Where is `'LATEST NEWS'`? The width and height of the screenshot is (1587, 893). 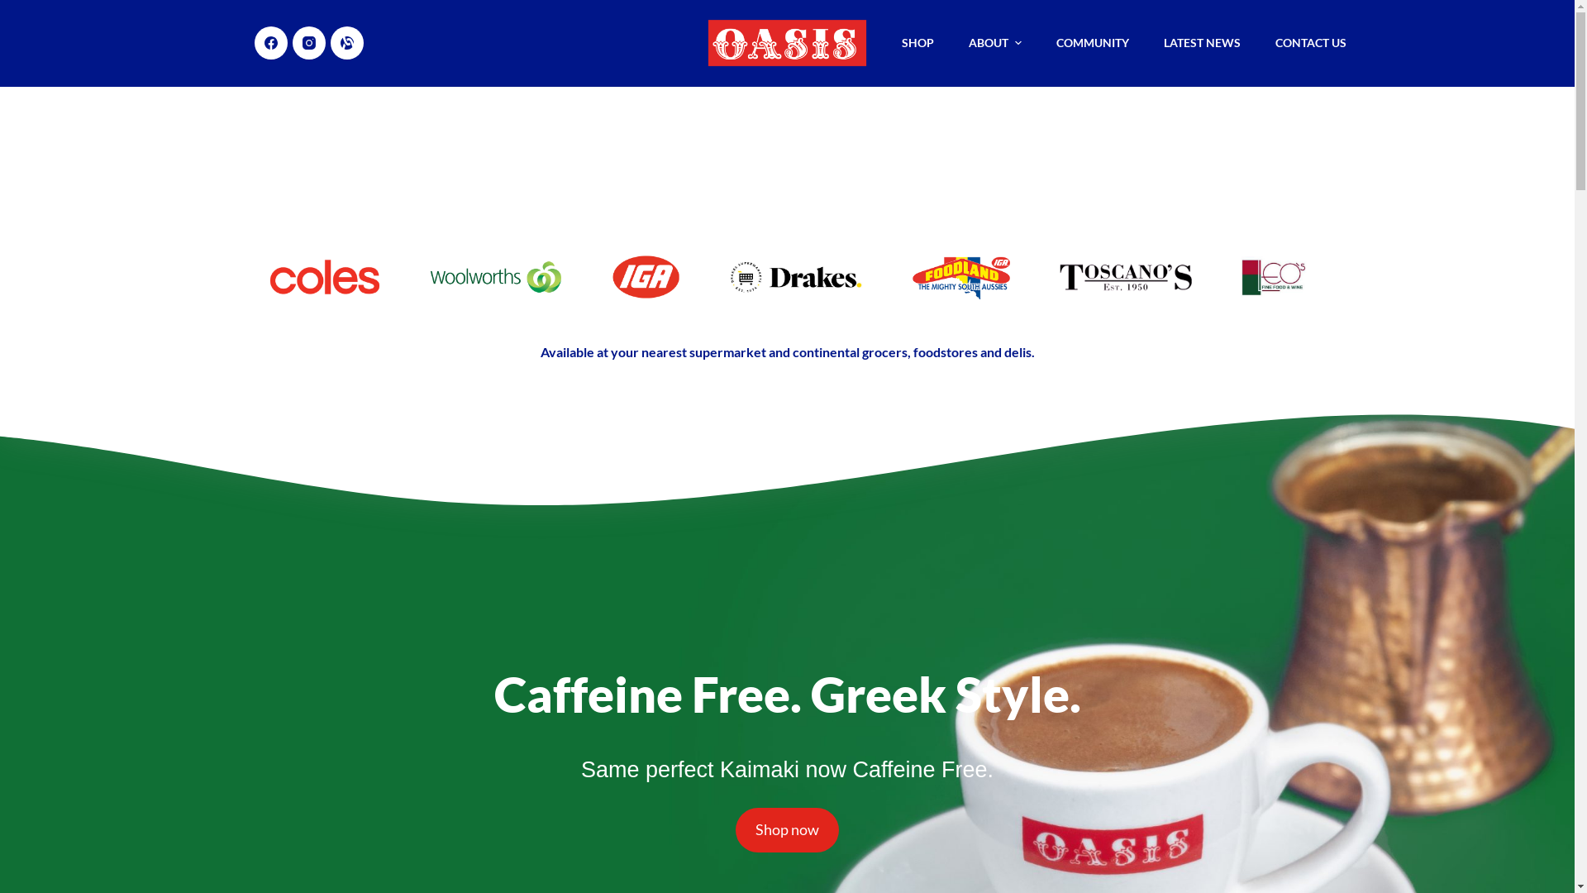 'LATEST NEWS' is located at coordinates (1146, 41).